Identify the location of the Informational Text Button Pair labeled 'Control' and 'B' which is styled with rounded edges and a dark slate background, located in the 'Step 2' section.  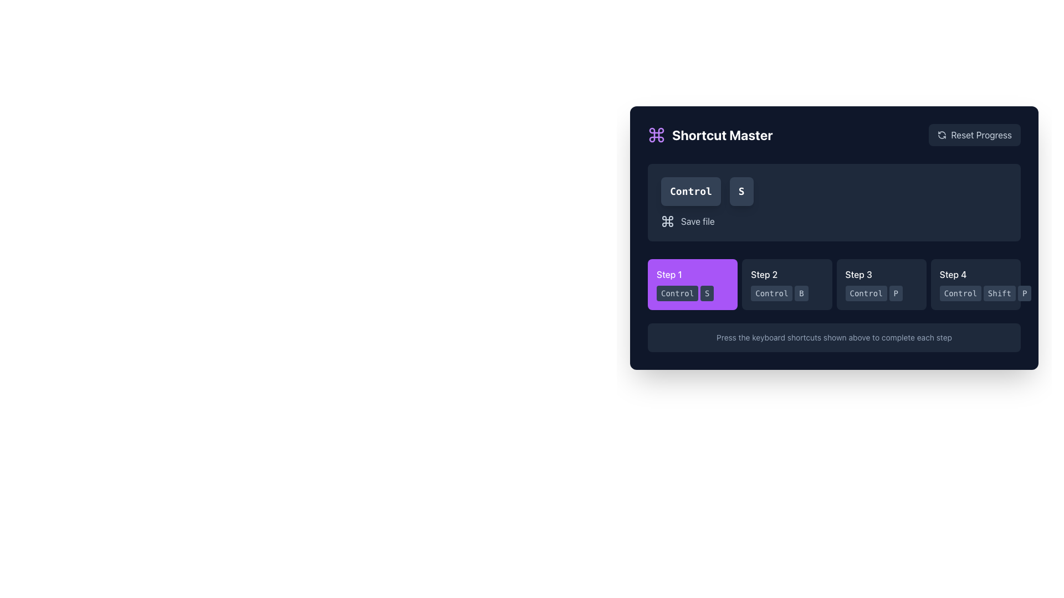
(786, 292).